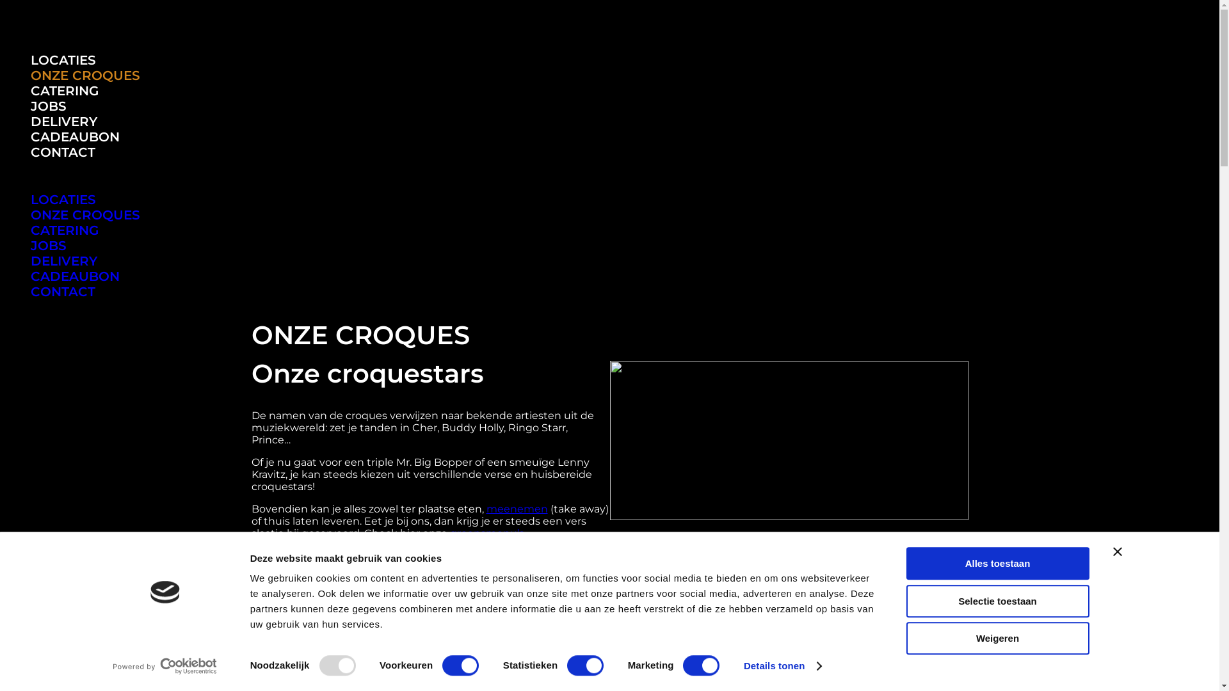 This screenshot has width=1229, height=691. I want to click on 'Selectie toestaan', so click(906, 601).